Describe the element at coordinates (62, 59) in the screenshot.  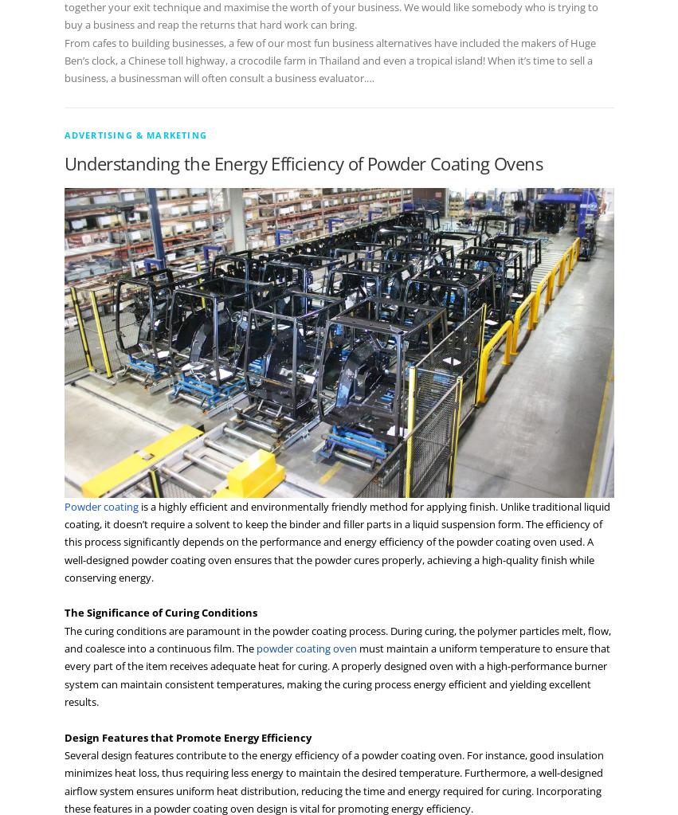
I see `'From cafes to building businesses, a few of our most fun business alternatives have included the makers of Huge Ben’s clock, a Chinese toll highway, a crocodile farm in Thailand and even a tropical island! When it’s time to sell a business, a businessman will often consult a business evaluator.…'` at that location.